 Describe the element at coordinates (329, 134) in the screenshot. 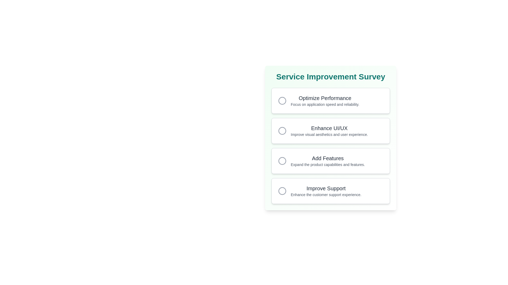

I see `the text label providing additional descriptive information for the 'Enhance UI/UX' option in the 'Service Improvement Survey' panel` at that location.